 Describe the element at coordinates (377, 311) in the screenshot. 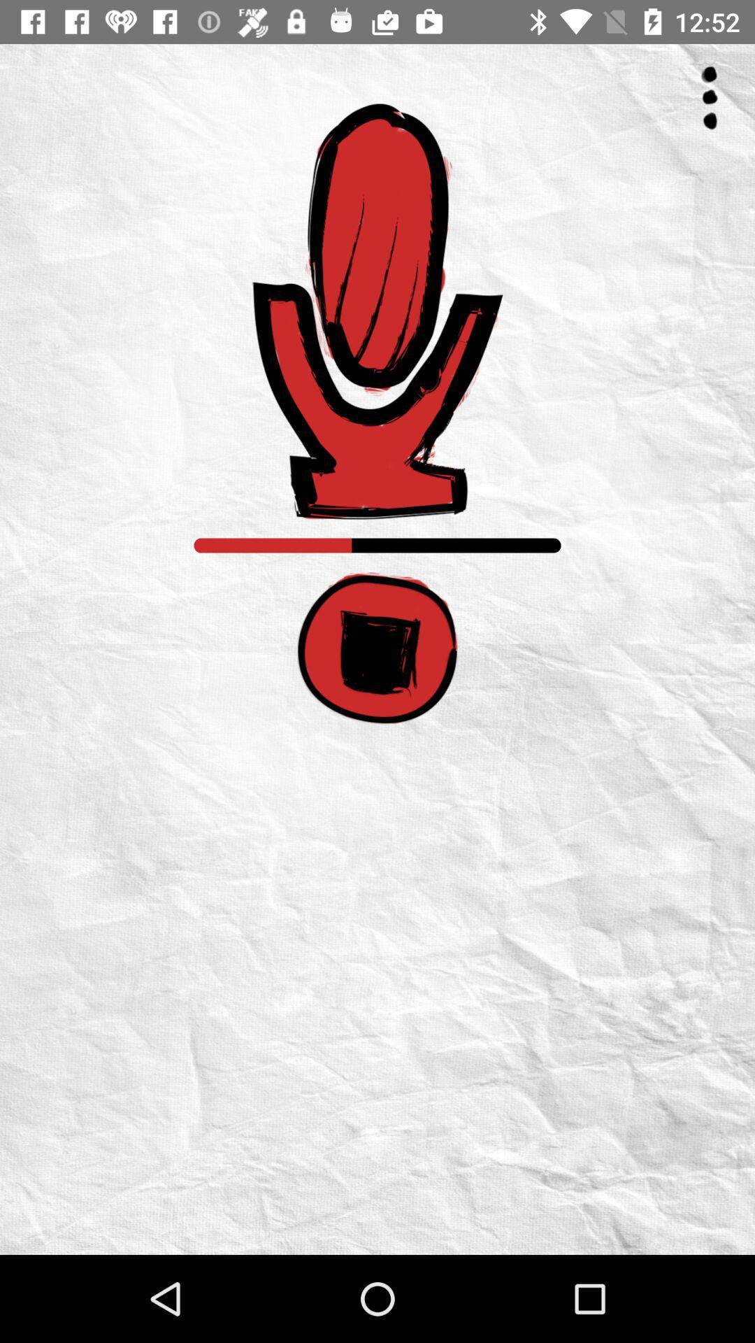

I see `image logo` at that location.